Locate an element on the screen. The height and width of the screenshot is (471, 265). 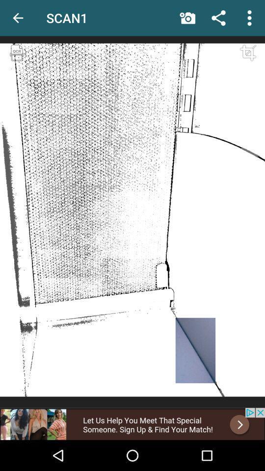
share icon is located at coordinates (218, 17).